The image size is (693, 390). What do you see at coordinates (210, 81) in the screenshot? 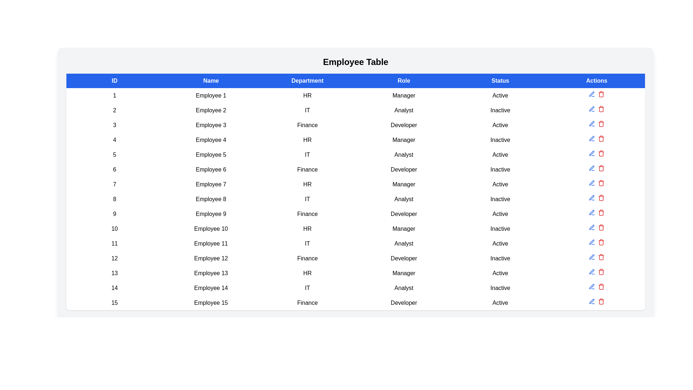
I see `the column header labeled 'Name' to sort the table rows by that column` at bounding box center [210, 81].